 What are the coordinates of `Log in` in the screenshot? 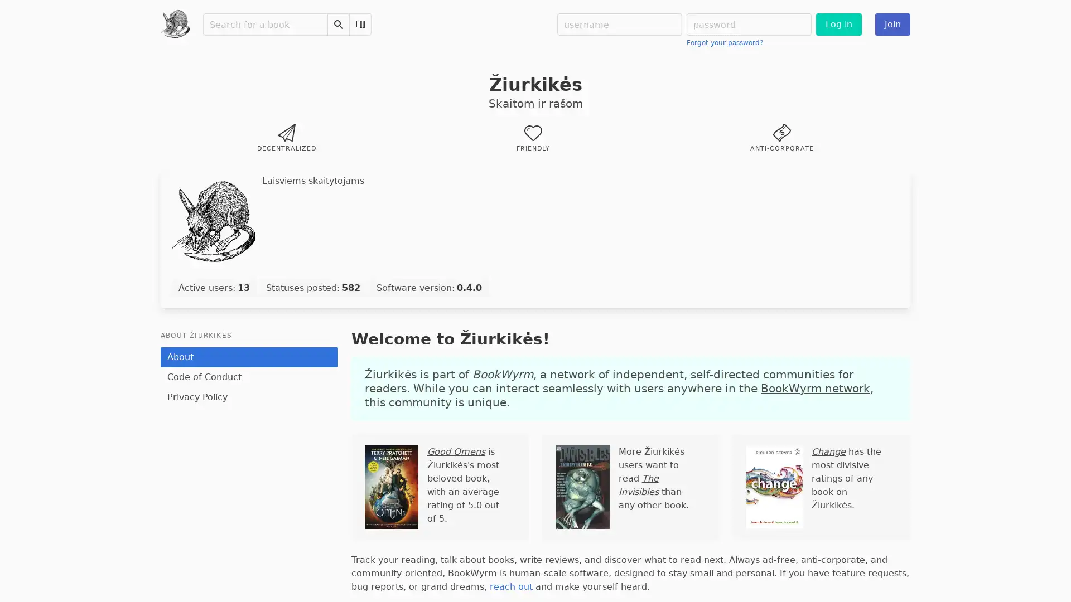 It's located at (838, 24).